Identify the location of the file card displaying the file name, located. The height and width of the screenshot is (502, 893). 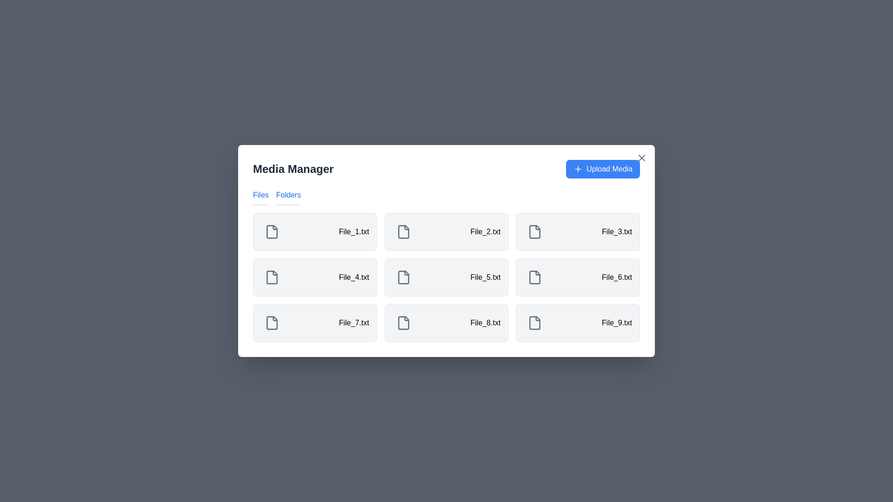
(577, 277).